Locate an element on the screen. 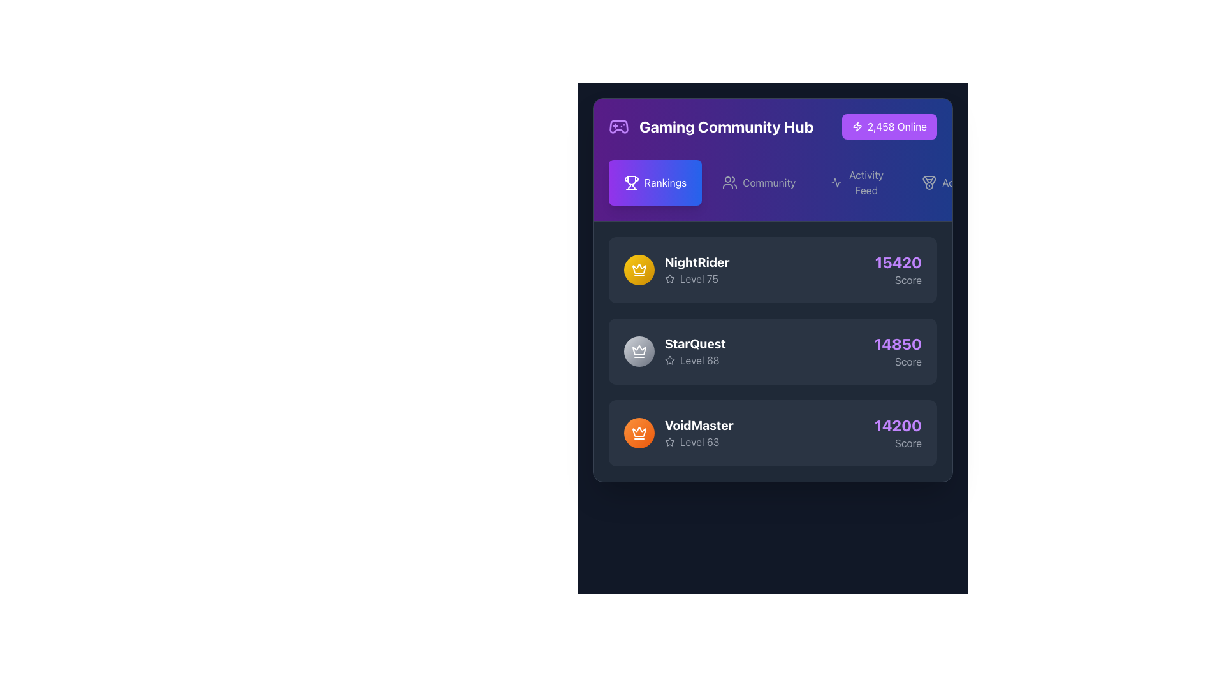  the second leaderboard entry displaying 'StarQuest' with the score '14850' is located at coordinates (772, 351).